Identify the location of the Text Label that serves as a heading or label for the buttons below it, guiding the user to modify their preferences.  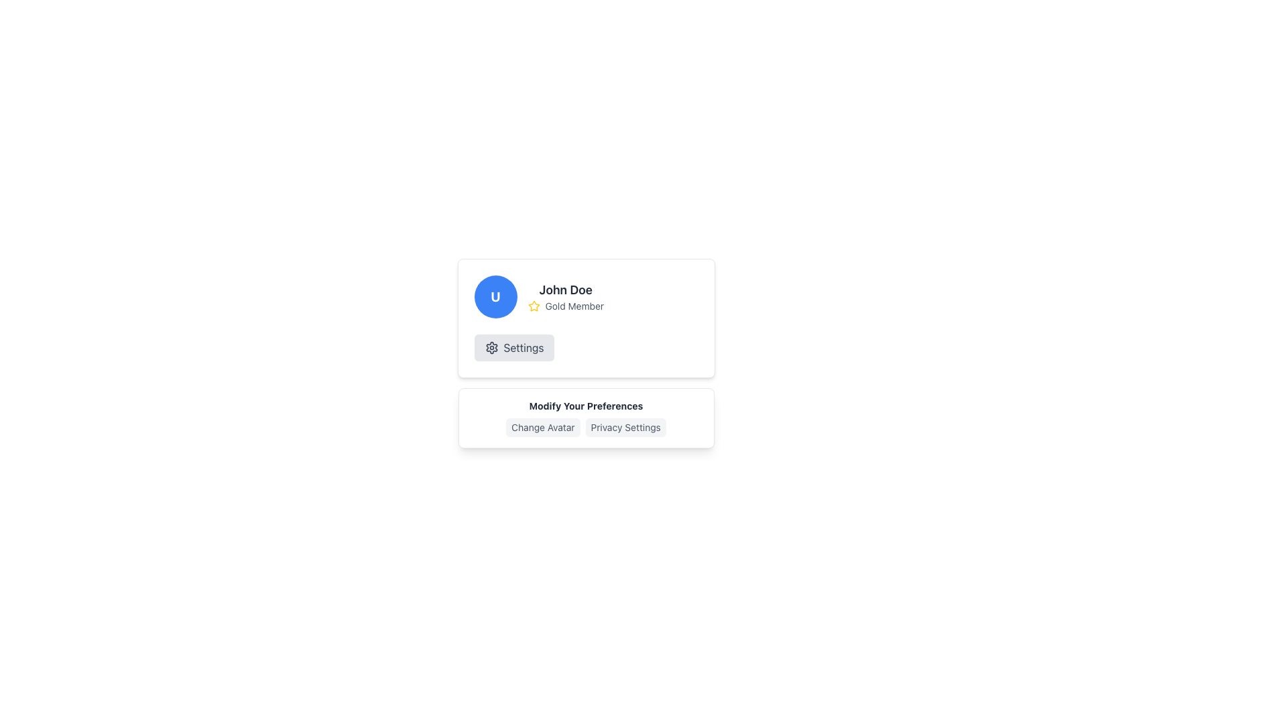
(586, 405).